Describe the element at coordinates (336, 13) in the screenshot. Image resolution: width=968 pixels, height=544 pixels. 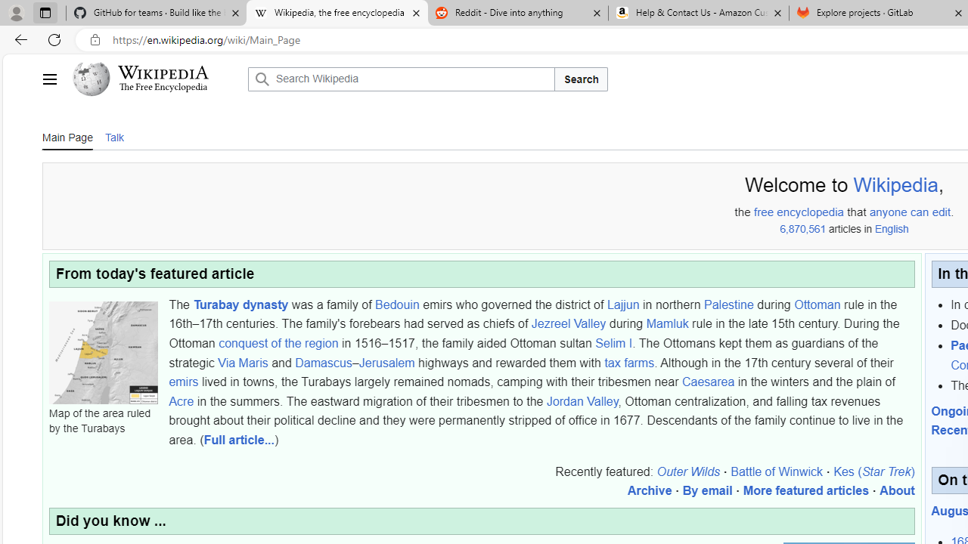
I see `'Wikipedia, the free encyclopedia'` at that location.